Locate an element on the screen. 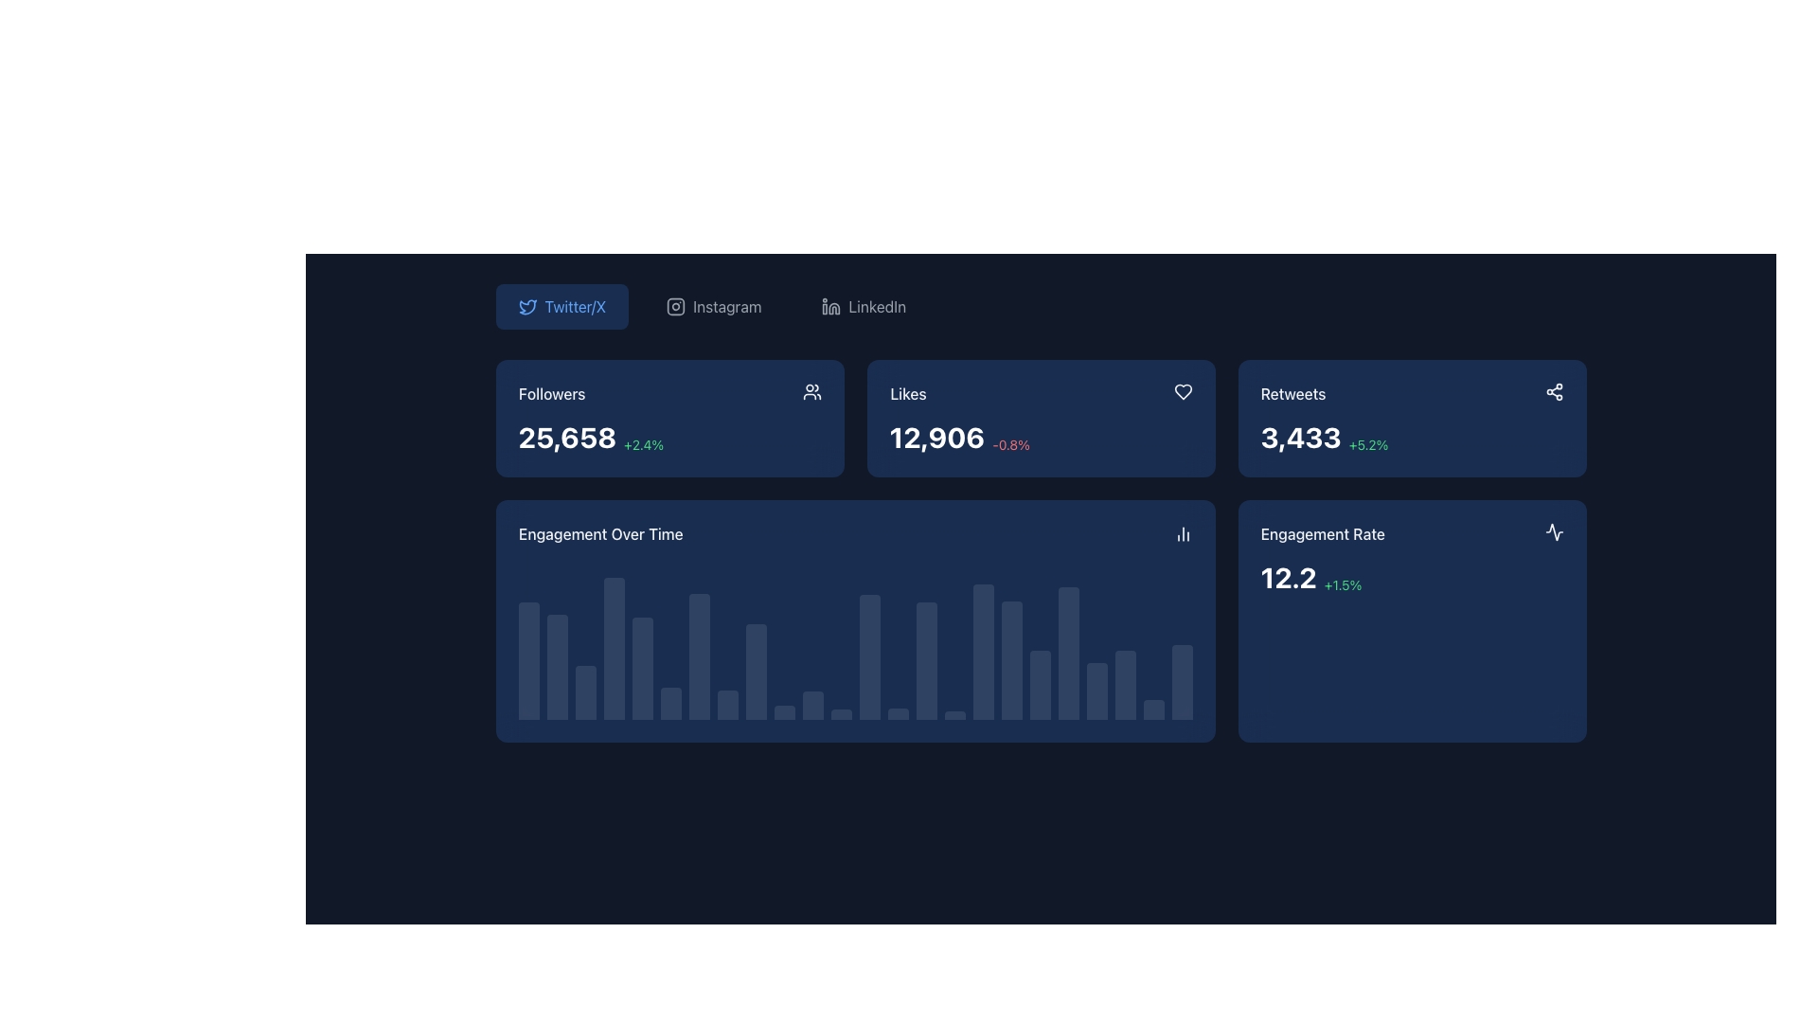  the data presented in the Visual data card located in the second row of the grid layout, directly below the 'Followers' and 'Likes' cards is located at coordinates (854, 620).